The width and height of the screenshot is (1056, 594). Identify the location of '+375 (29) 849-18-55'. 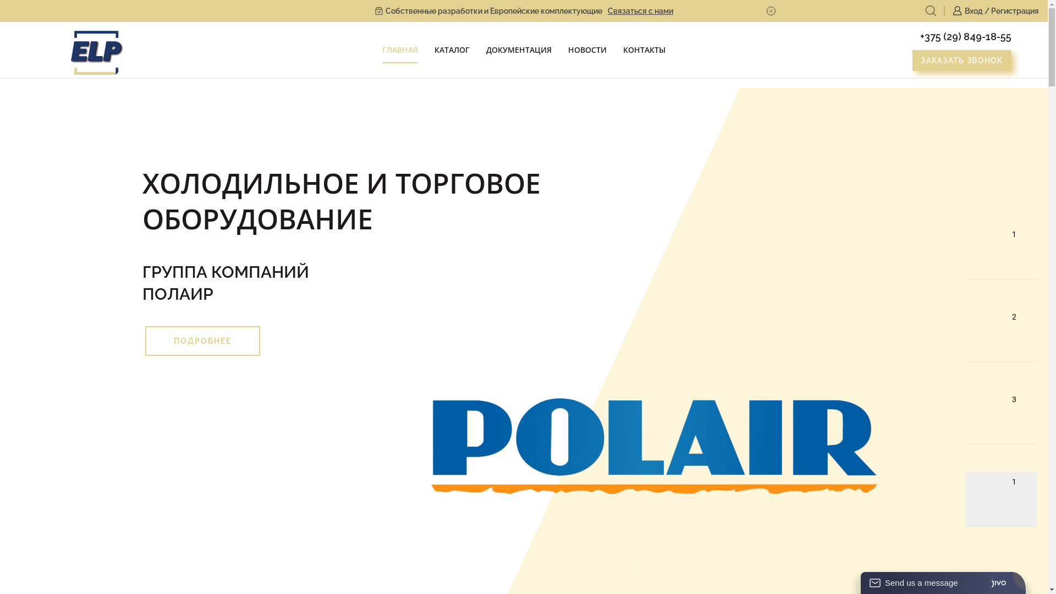
(965, 36).